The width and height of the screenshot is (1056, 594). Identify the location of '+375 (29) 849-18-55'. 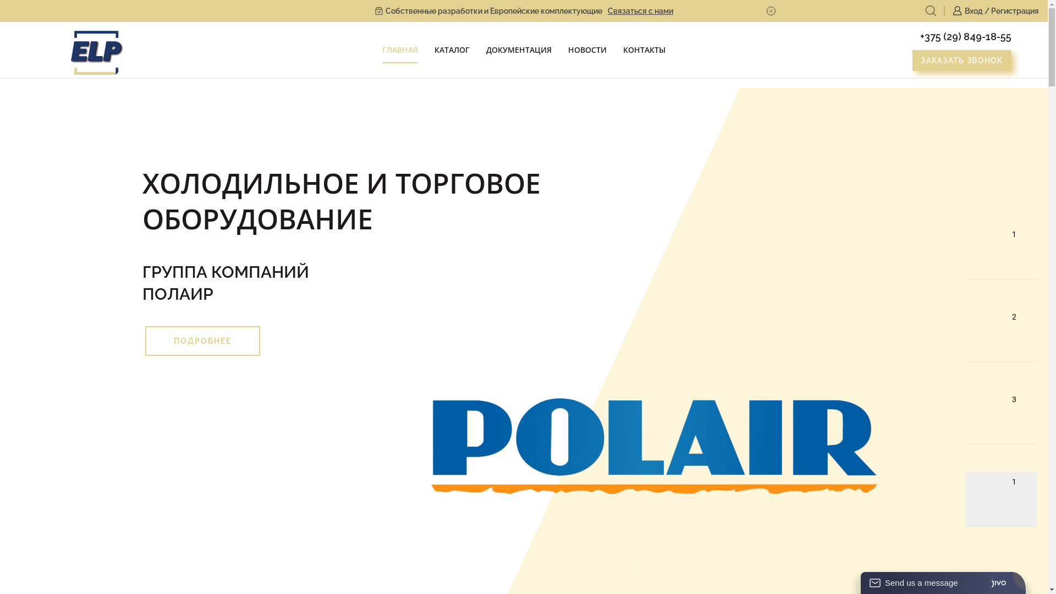
(965, 36).